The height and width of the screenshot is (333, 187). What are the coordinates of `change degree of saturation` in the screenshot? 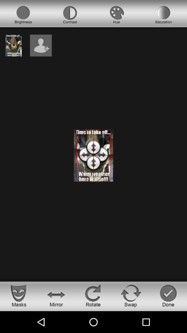 It's located at (163, 15).